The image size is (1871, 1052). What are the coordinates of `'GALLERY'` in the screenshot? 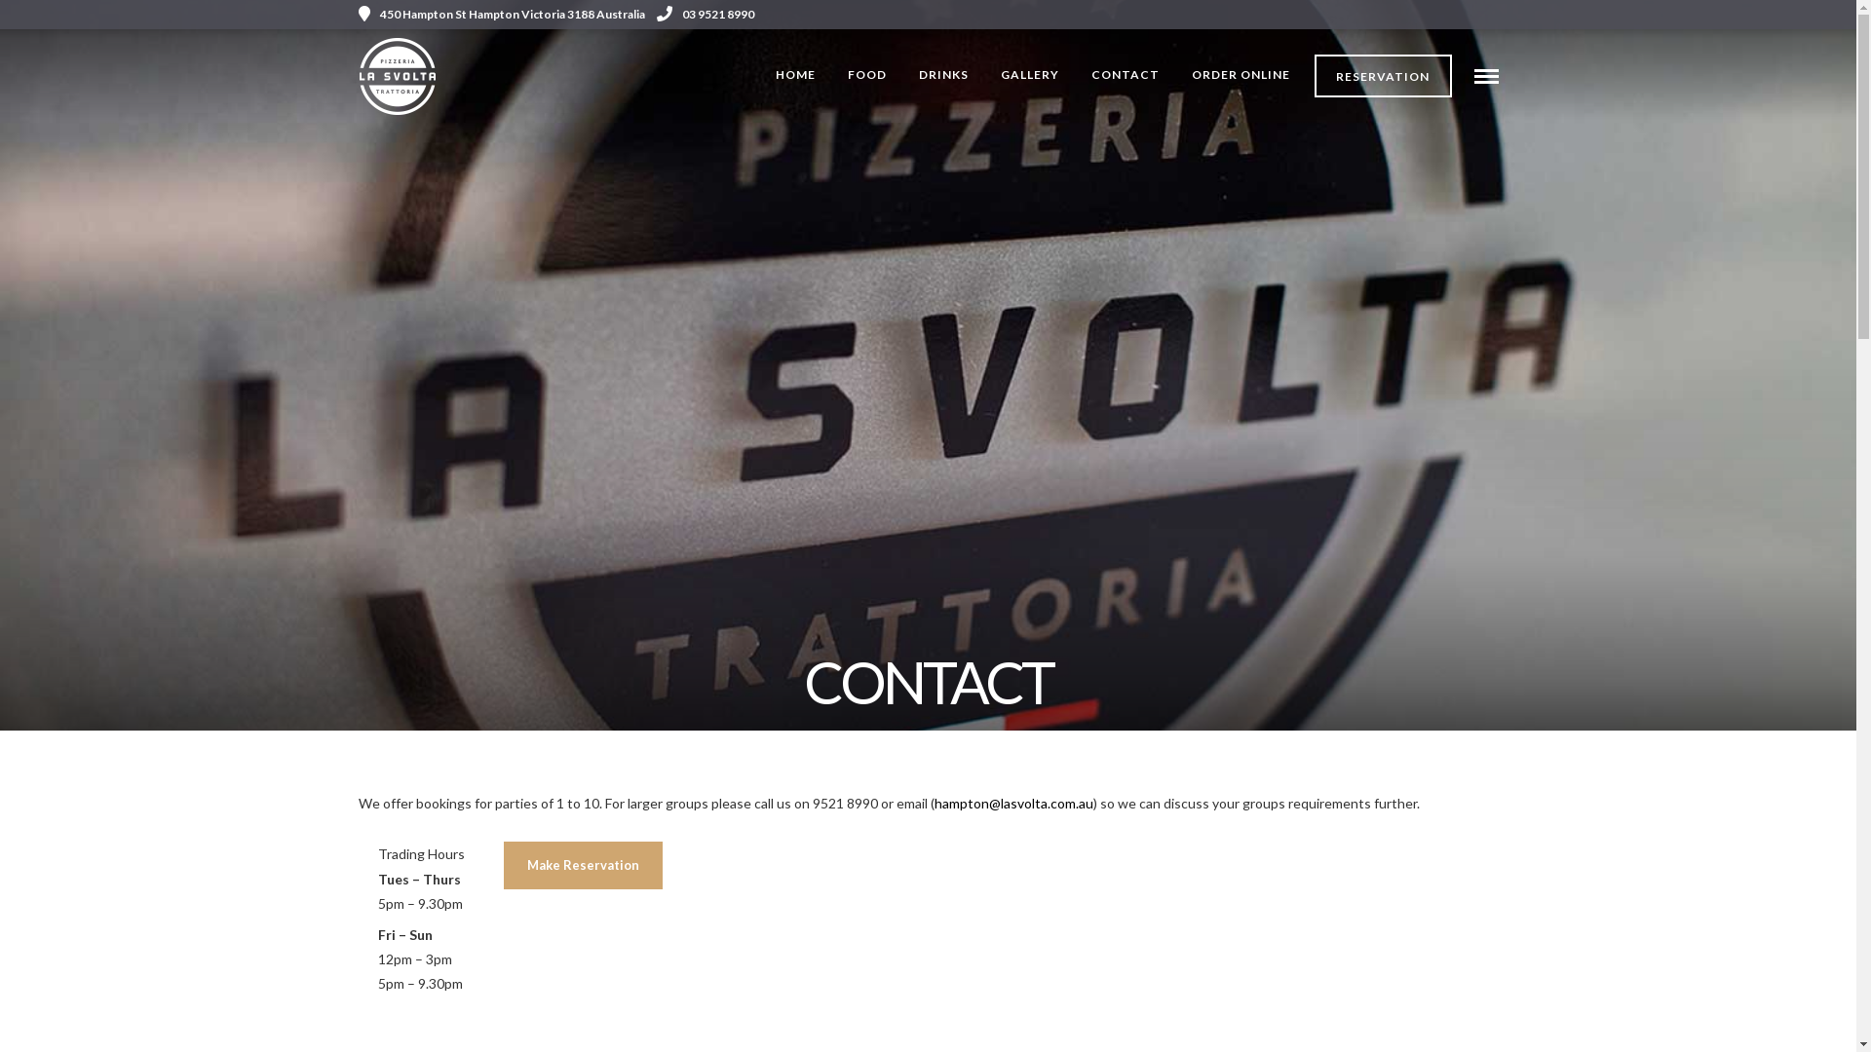 It's located at (986, 74).